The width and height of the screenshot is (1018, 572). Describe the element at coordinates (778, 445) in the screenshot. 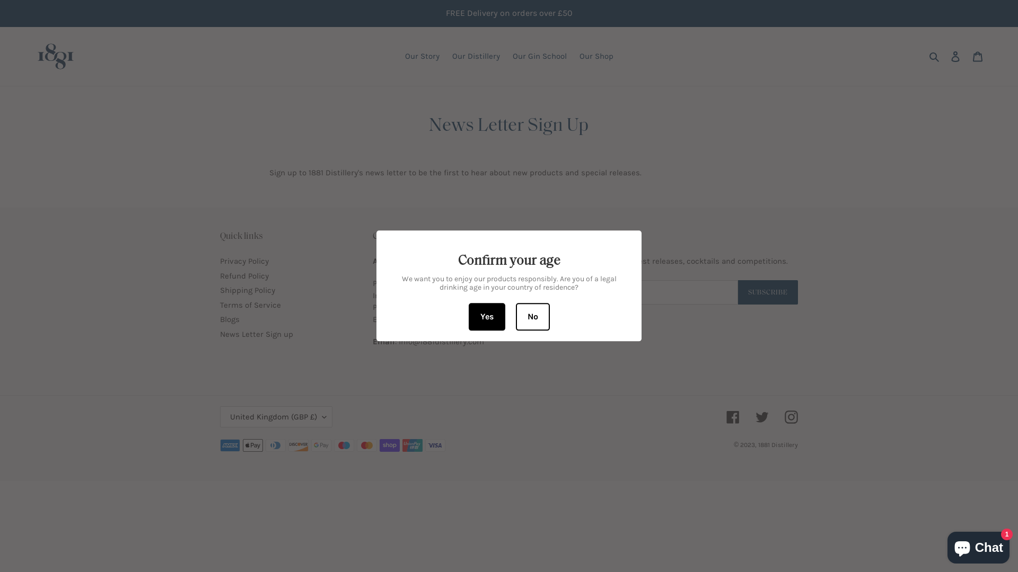

I see `'1881 Distillery'` at that location.